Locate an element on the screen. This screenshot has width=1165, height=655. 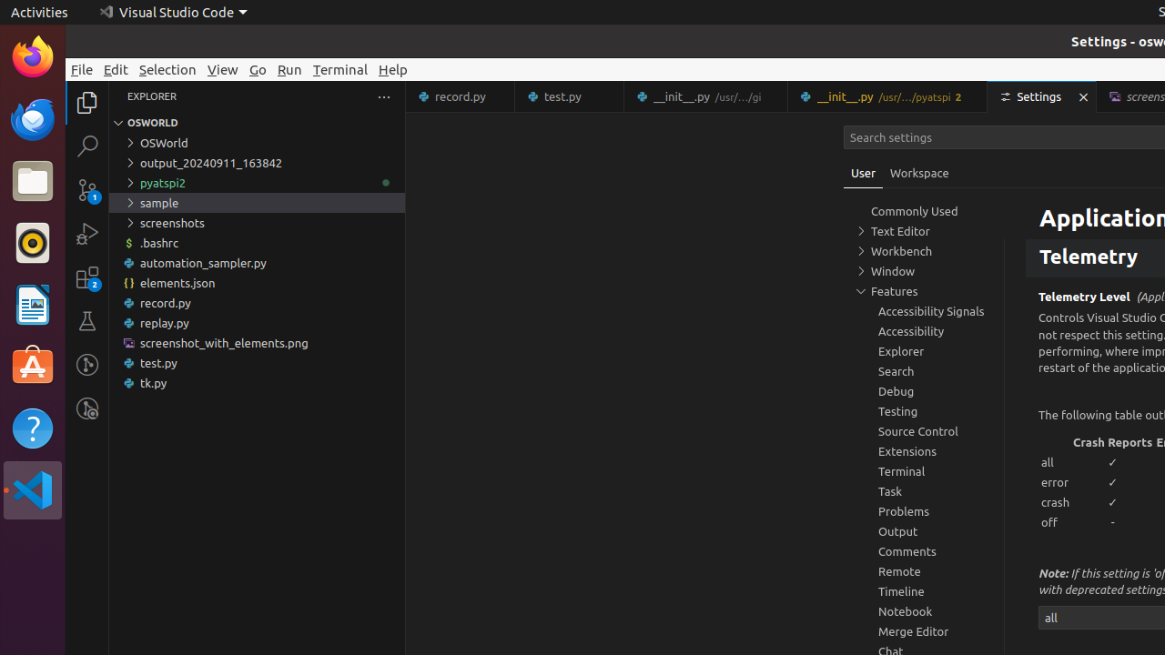
'Run' is located at coordinates (289, 68).